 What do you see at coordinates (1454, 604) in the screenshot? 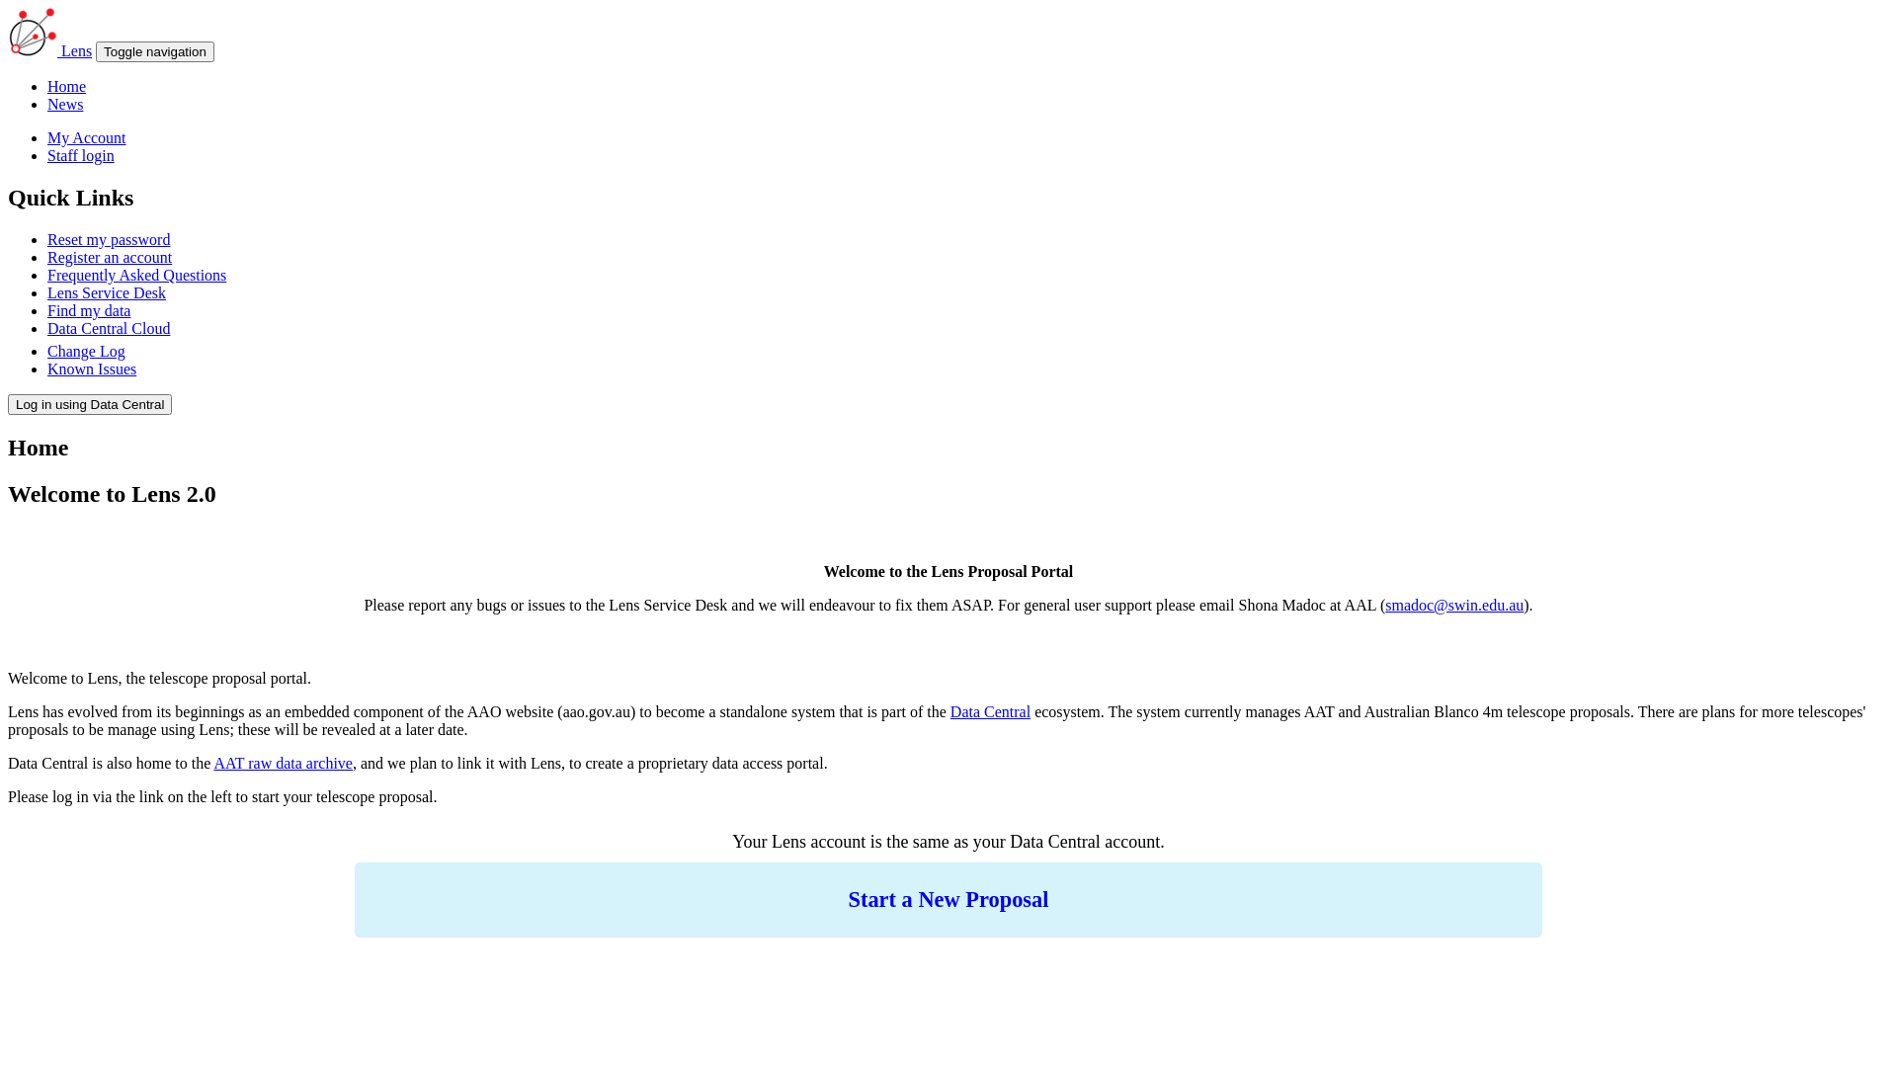
I see `'smadoc@swin.edu.au'` at bounding box center [1454, 604].